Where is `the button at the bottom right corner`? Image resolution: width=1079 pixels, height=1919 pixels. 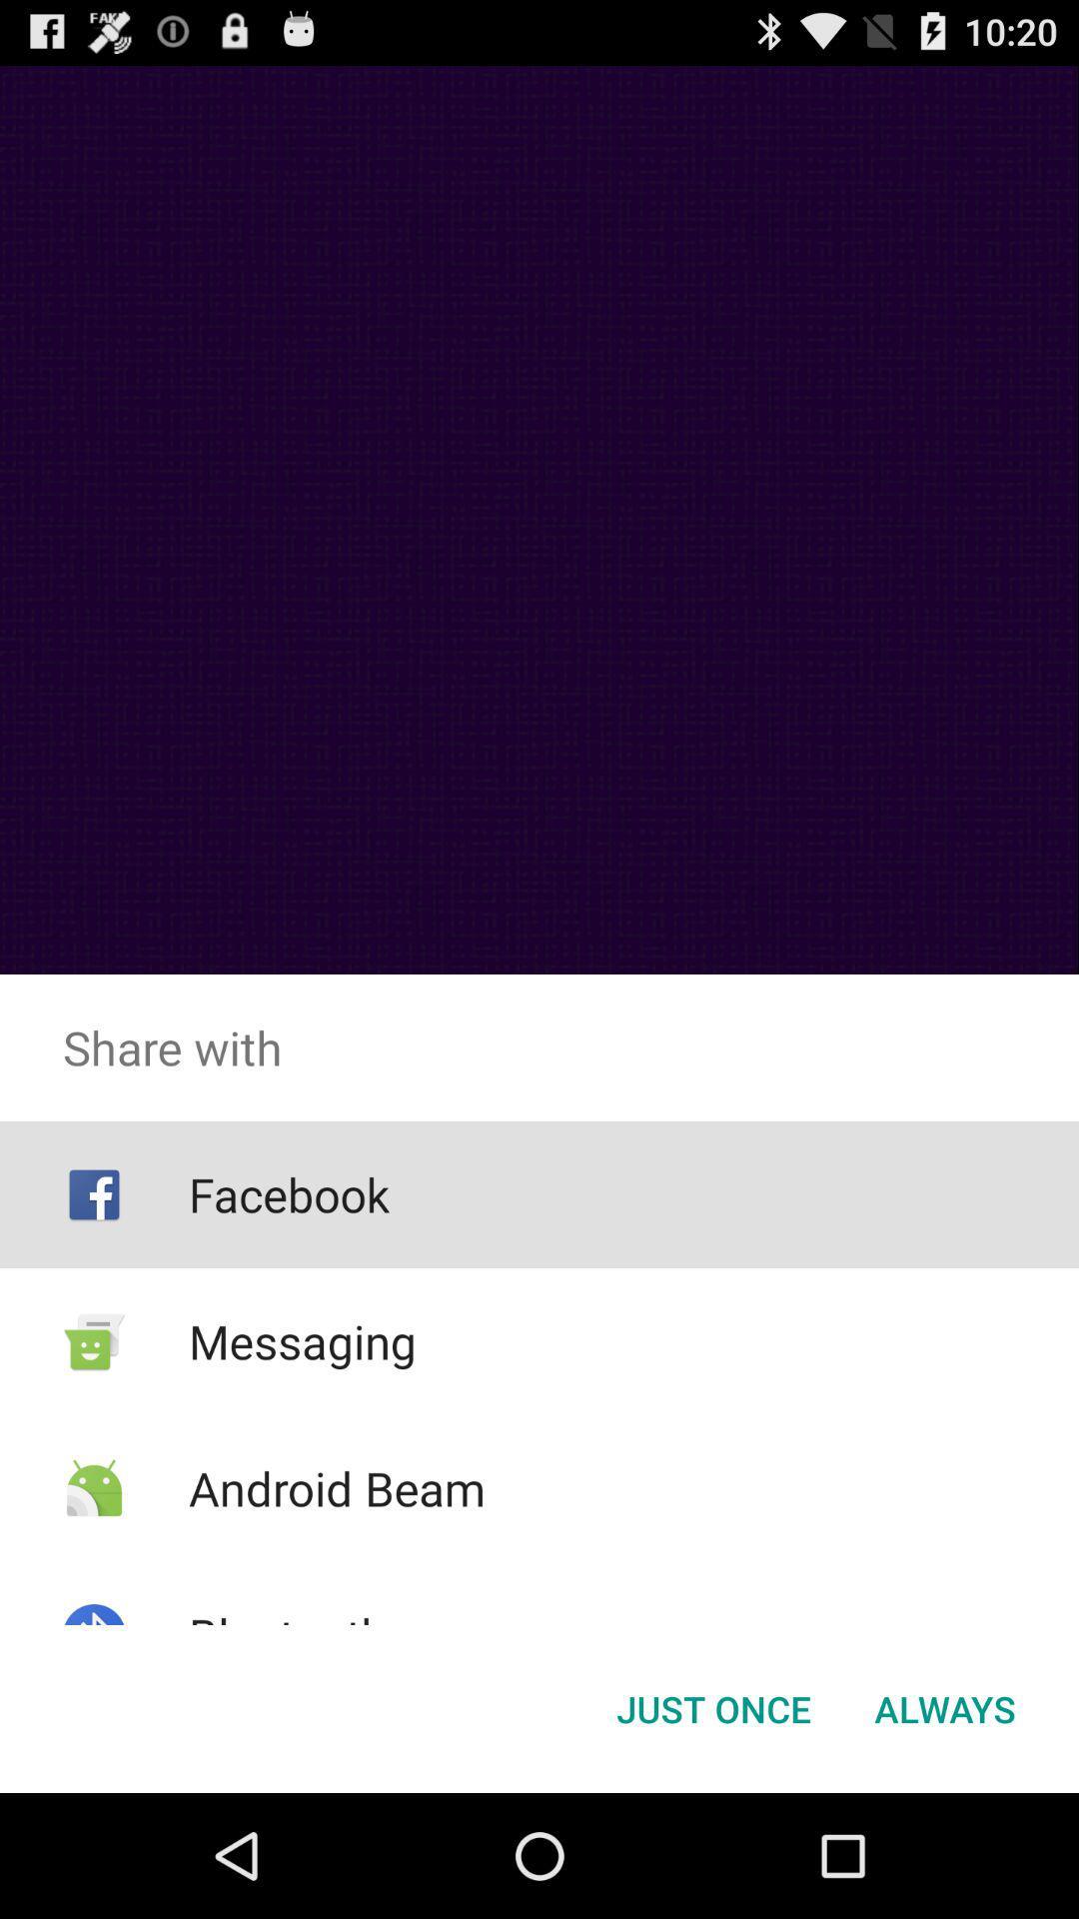 the button at the bottom right corner is located at coordinates (944, 1707).